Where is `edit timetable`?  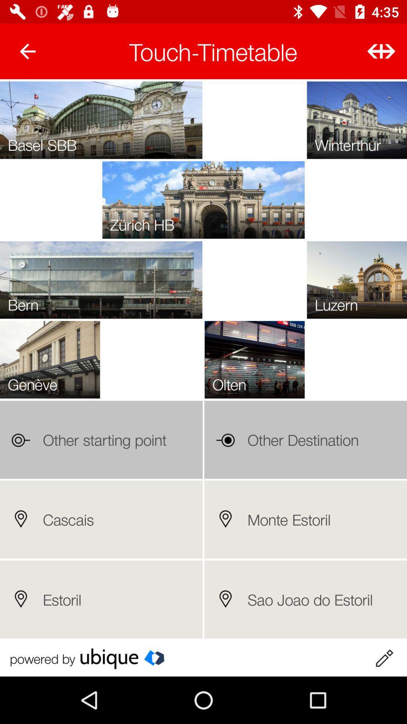 edit timetable is located at coordinates (384, 658).